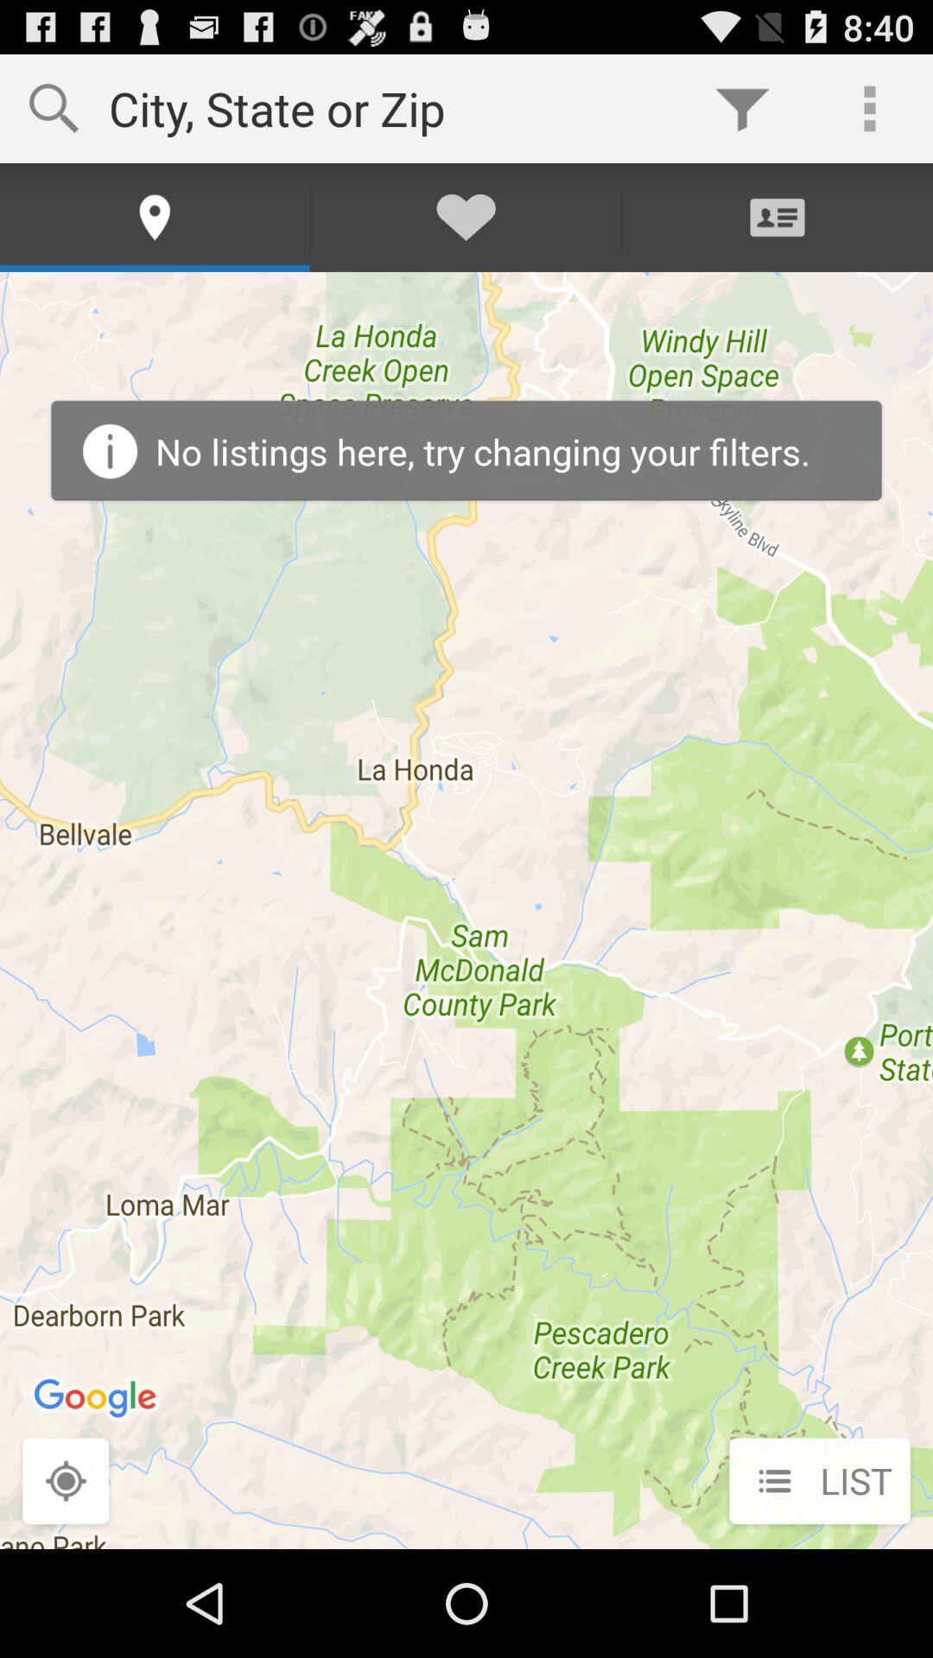 This screenshot has height=1658, width=933. Describe the element at coordinates (65, 1587) in the screenshot. I see `the location_crosshair icon` at that location.